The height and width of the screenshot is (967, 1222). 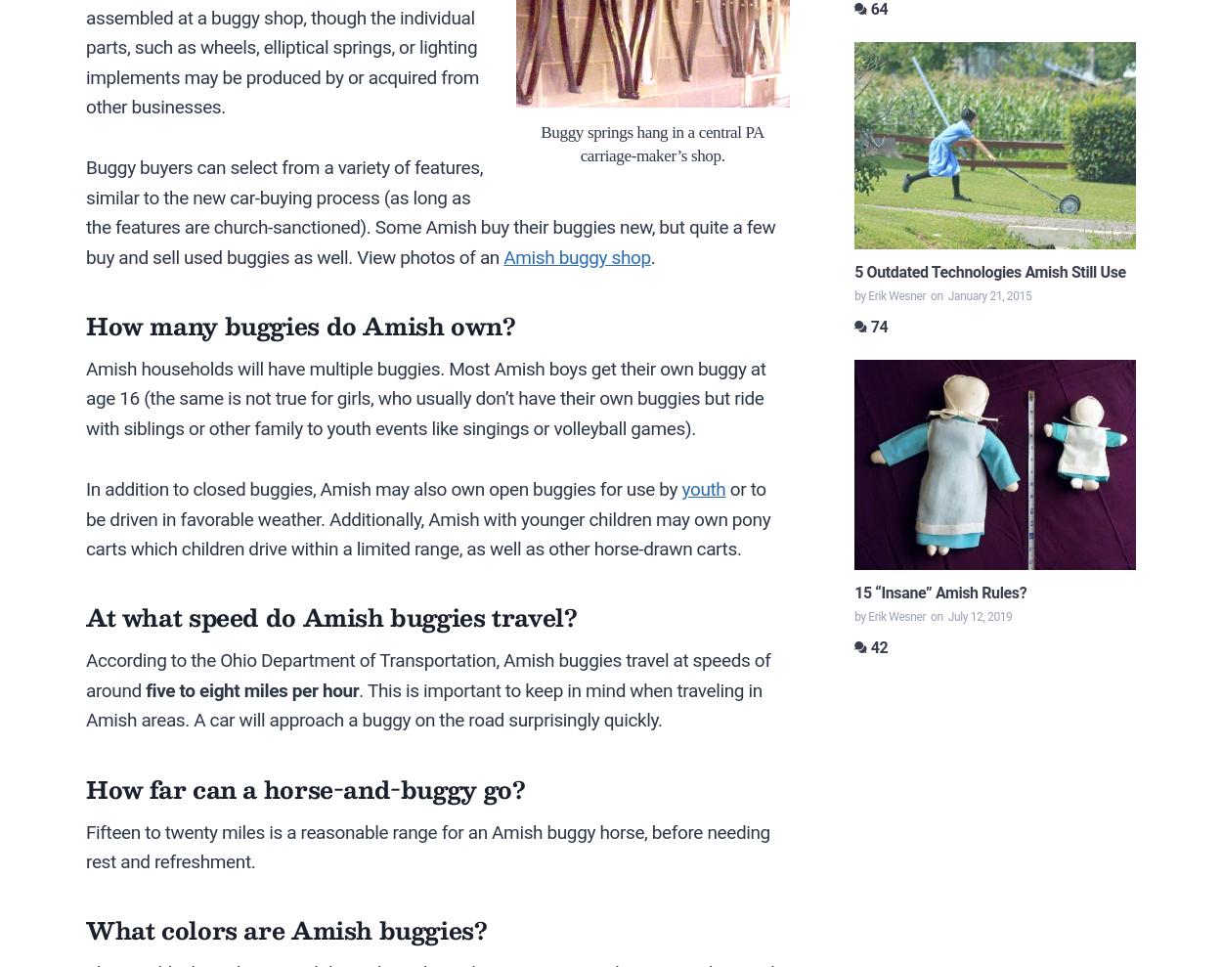 I want to click on 'What colors are Amish buggies?', so click(x=85, y=930).